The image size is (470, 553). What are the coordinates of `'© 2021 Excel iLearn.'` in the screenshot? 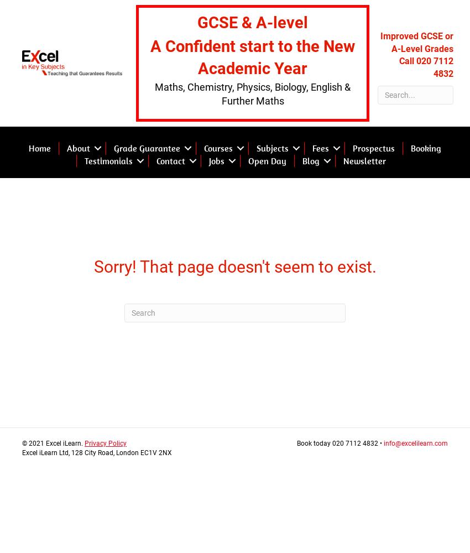 It's located at (53, 443).